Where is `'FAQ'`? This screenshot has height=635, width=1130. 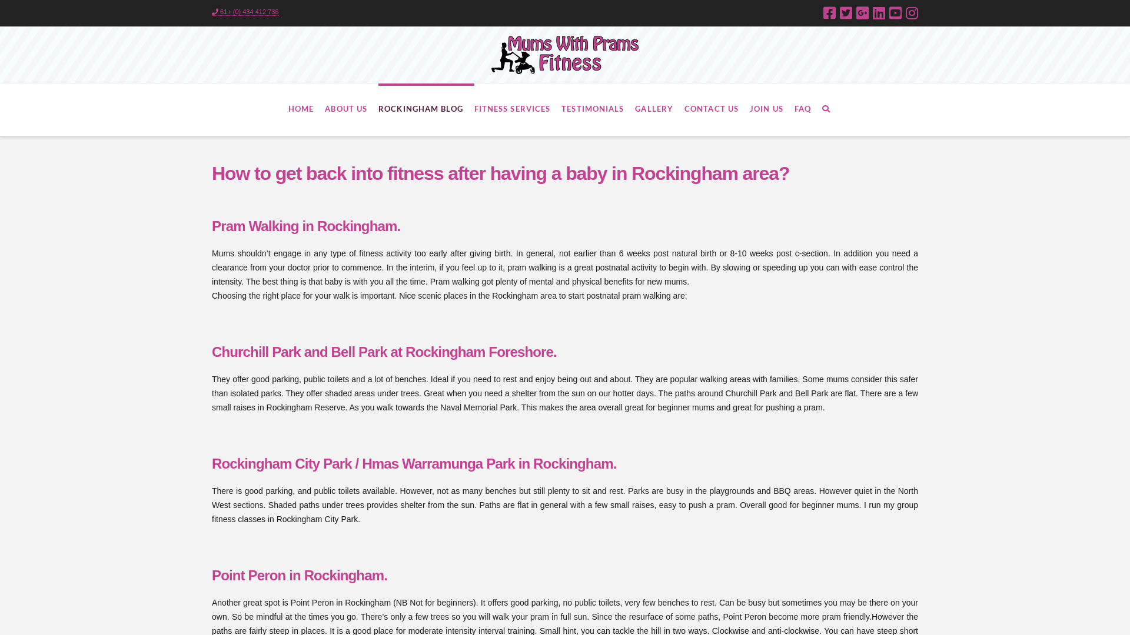 'FAQ' is located at coordinates (807, 109).